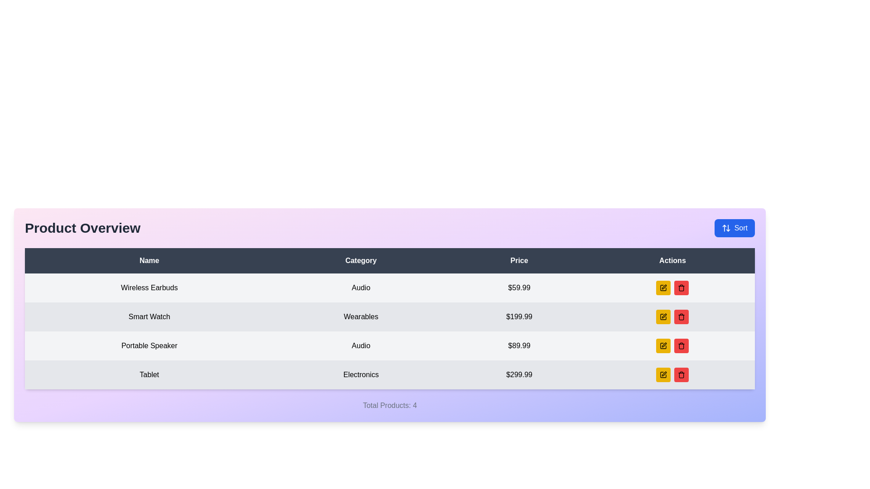  Describe the element at coordinates (681, 346) in the screenshot. I see `the trash can icon located in the 'Actions' column of the table` at that location.